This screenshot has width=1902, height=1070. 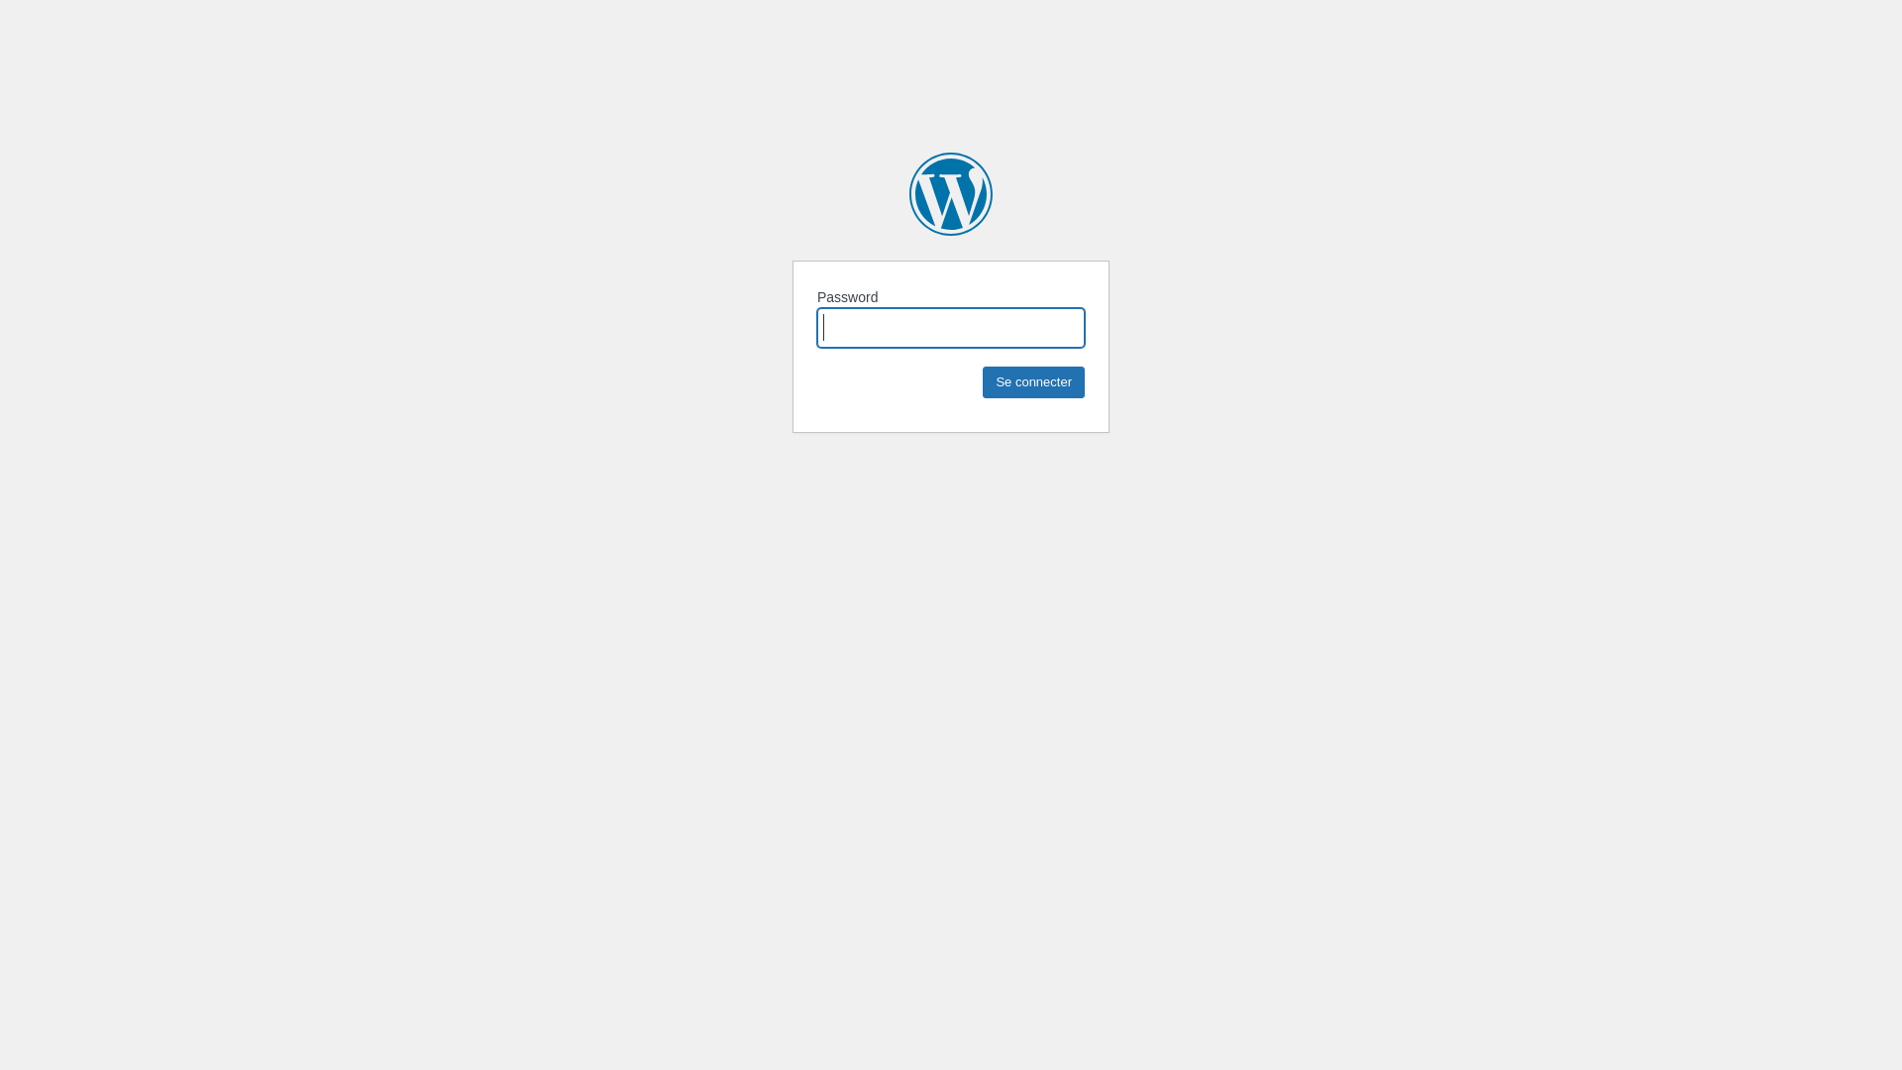 What do you see at coordinates (951, 194) in the screenshot?
I see `'FGTB Bruxelles 2020'` at bounding box center [951, 194].